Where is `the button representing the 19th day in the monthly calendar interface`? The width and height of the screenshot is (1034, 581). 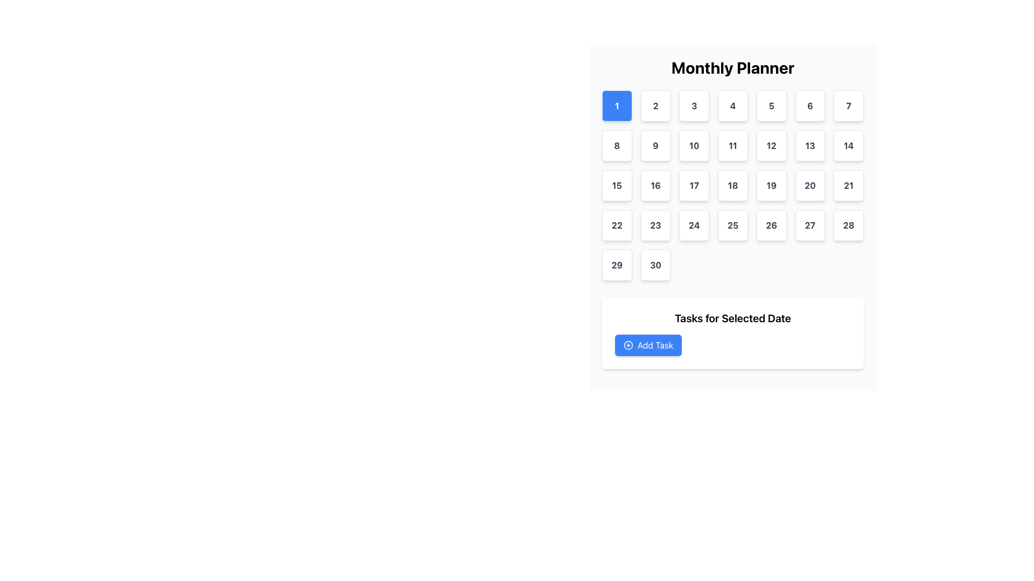 the button representing the 19th day in the monthly calendar interface is located at coordinates (771, 185).